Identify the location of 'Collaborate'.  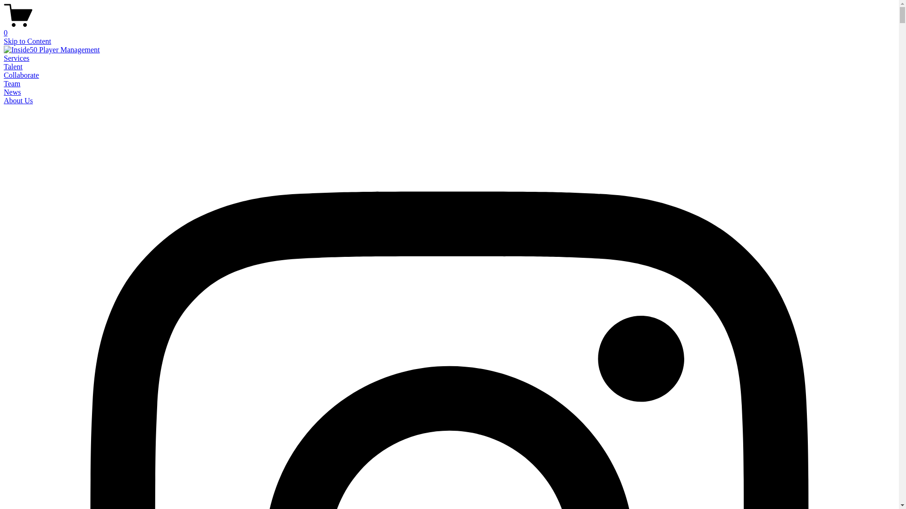
(4, 74).